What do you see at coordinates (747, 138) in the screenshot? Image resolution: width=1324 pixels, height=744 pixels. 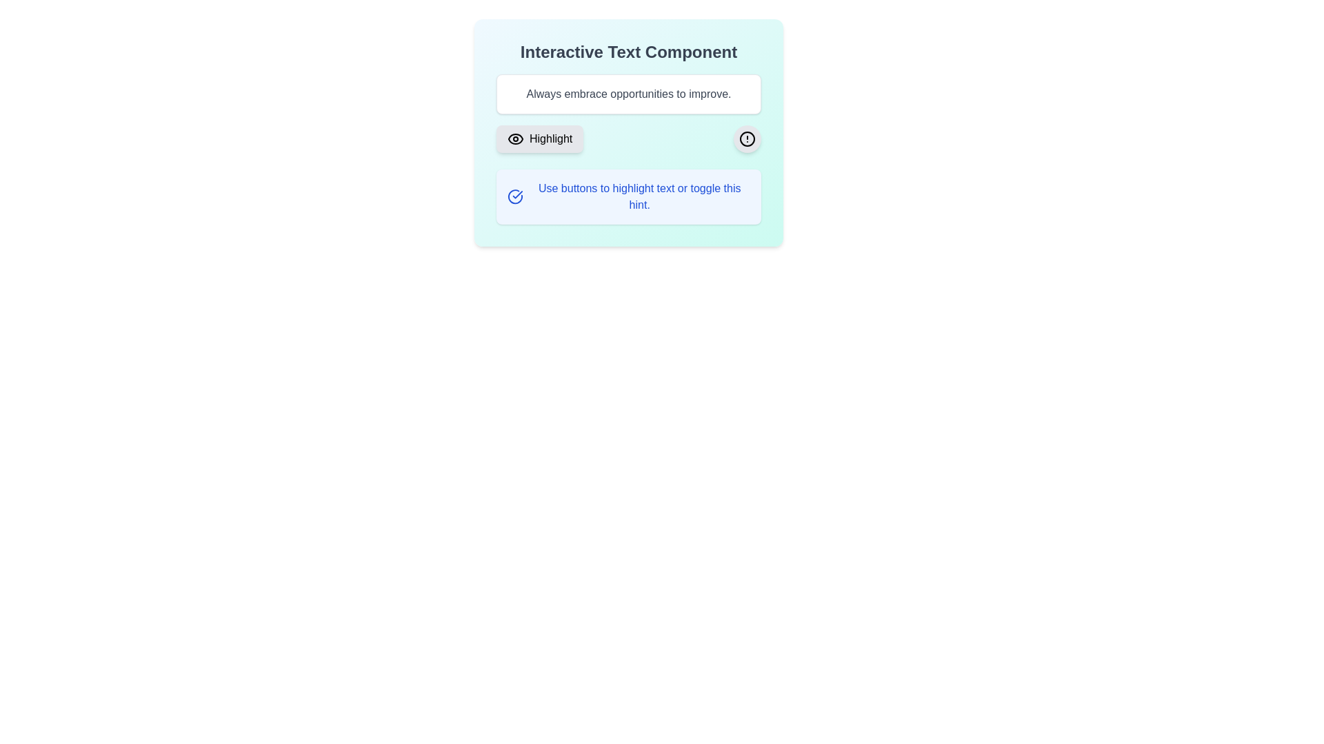 I see `the alert-type icon located on the right side of the 'Highlight' button in the light blue panel` at bounding box center [747, 138].